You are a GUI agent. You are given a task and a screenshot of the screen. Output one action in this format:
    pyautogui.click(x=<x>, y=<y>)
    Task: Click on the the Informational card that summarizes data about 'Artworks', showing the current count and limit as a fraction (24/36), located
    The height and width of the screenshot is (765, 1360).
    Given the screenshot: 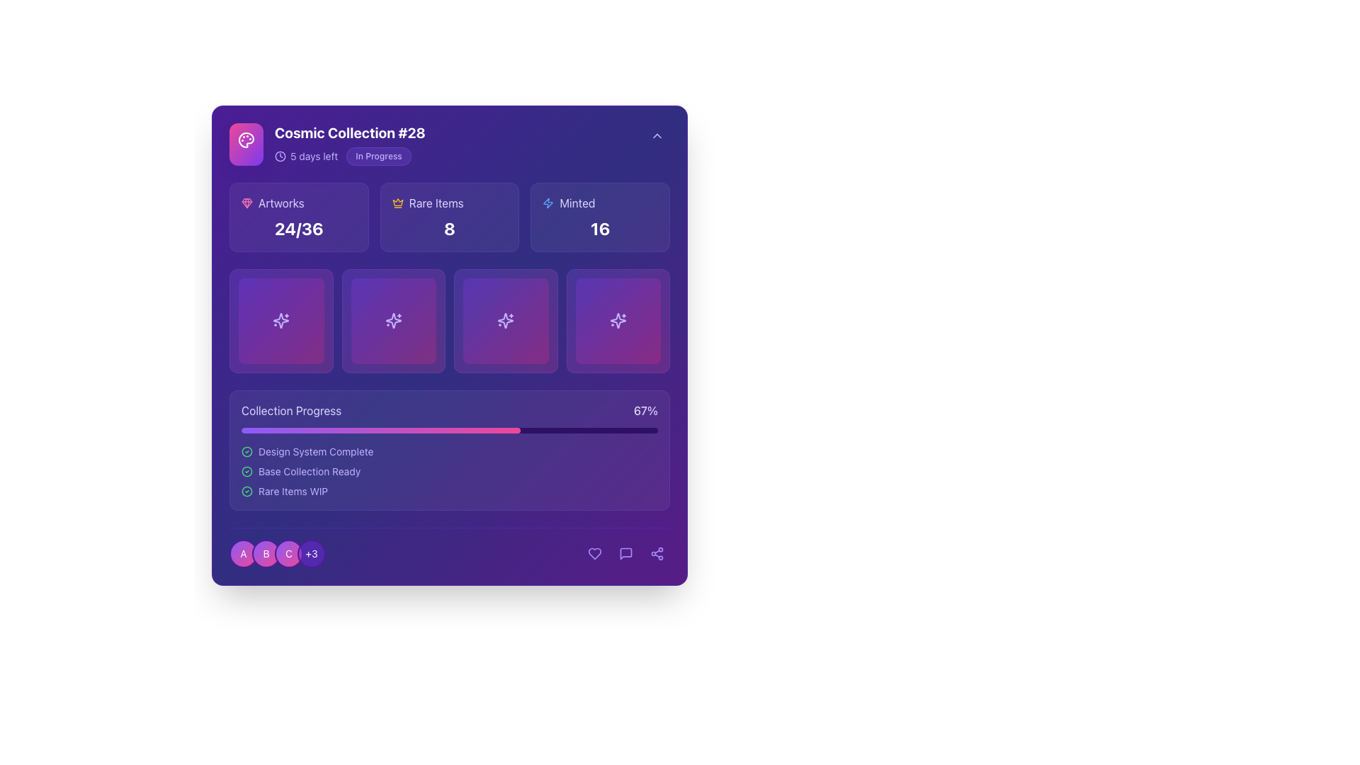 What is the action you would take?
    pyautogui.click(x=298, y=217)
    